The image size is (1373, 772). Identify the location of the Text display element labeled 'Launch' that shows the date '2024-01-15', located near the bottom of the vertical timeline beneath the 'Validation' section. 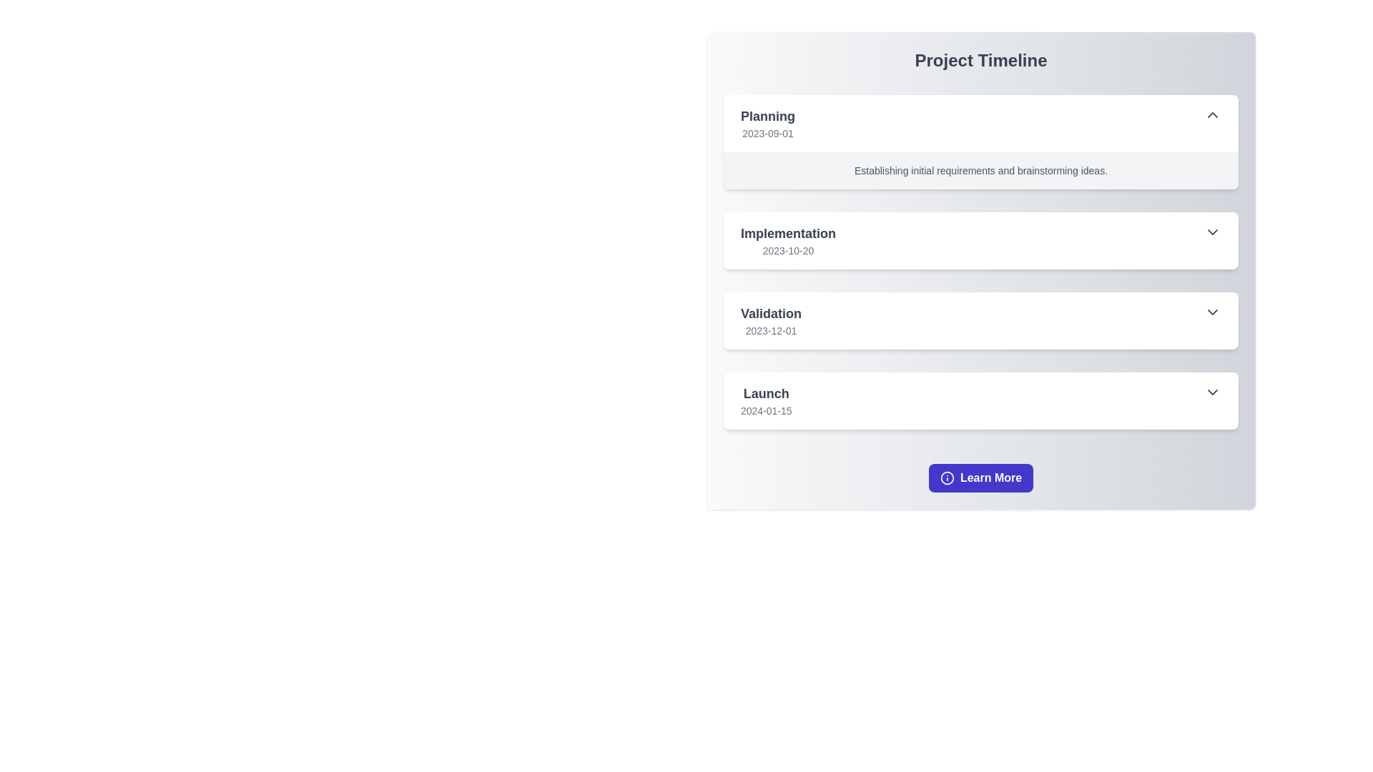
(765, 400).